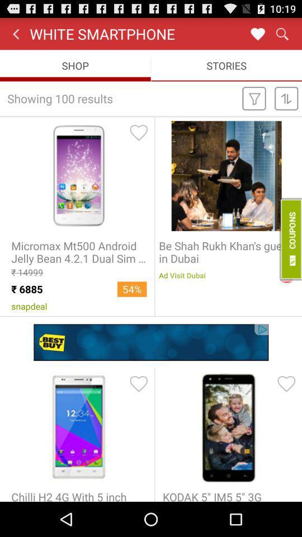 The height and width of the screenshot is (537, 302). What do you see at coordinates (281, 36) in the screenshot?
I see `the search icon` at bounding box center [281, 36].